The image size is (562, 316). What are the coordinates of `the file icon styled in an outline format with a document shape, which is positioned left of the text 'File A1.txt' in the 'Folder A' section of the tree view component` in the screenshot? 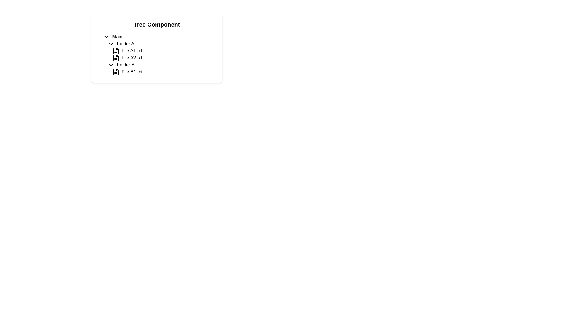 It's located at (116, 50).